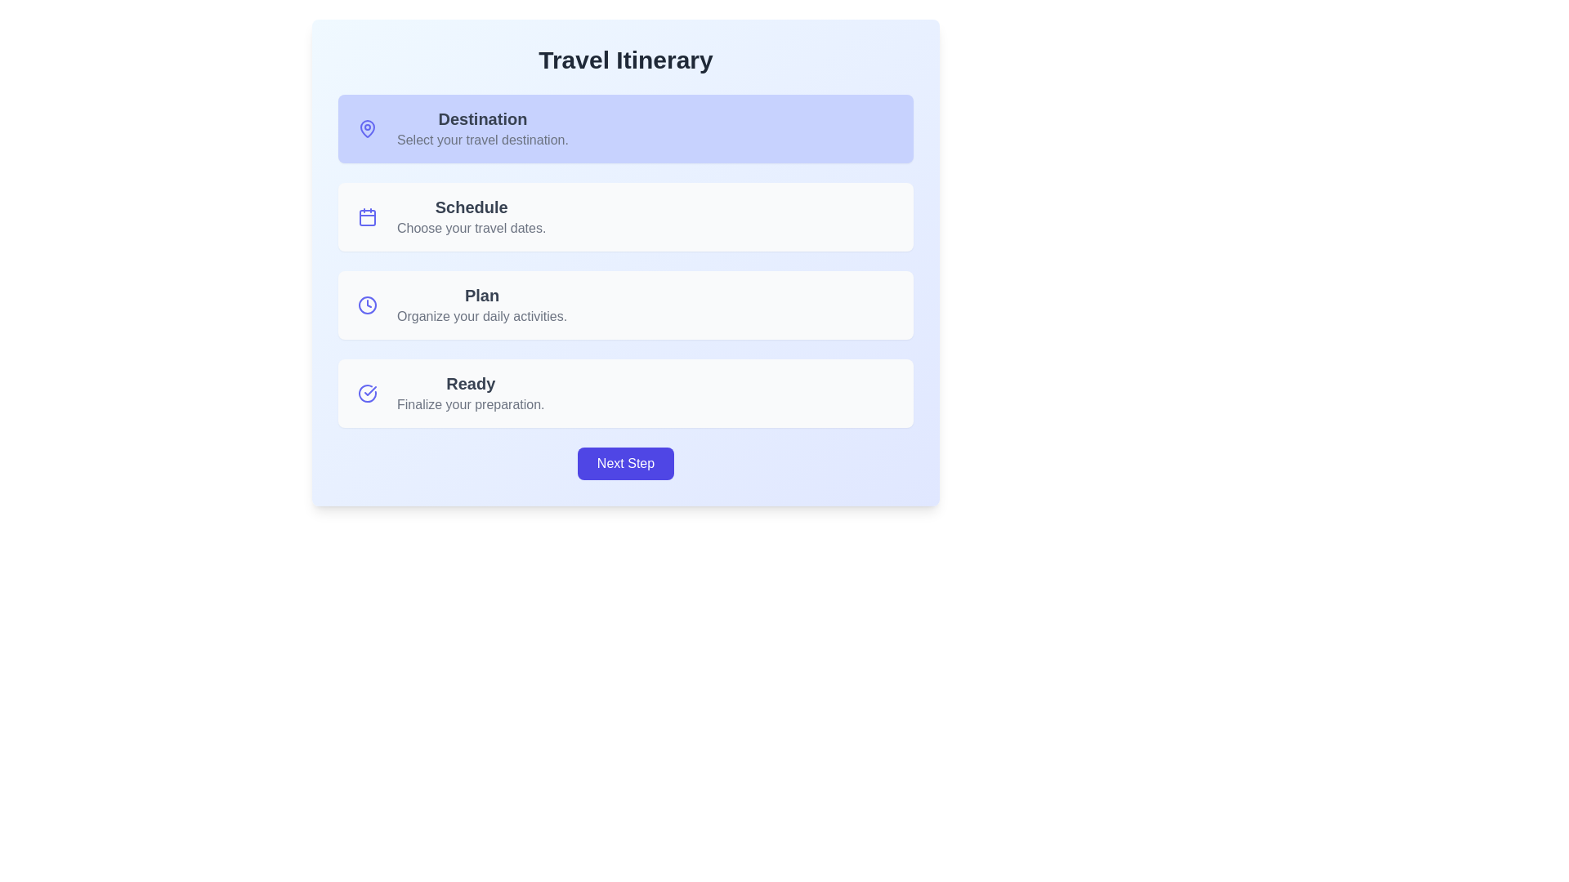  Describe the element at coordinates (481, 128) in the screenshot. I see `the informational label for selecting a travel destination, which includes a map pin icon on its left side and is positioned at the top of the interface` at that location.